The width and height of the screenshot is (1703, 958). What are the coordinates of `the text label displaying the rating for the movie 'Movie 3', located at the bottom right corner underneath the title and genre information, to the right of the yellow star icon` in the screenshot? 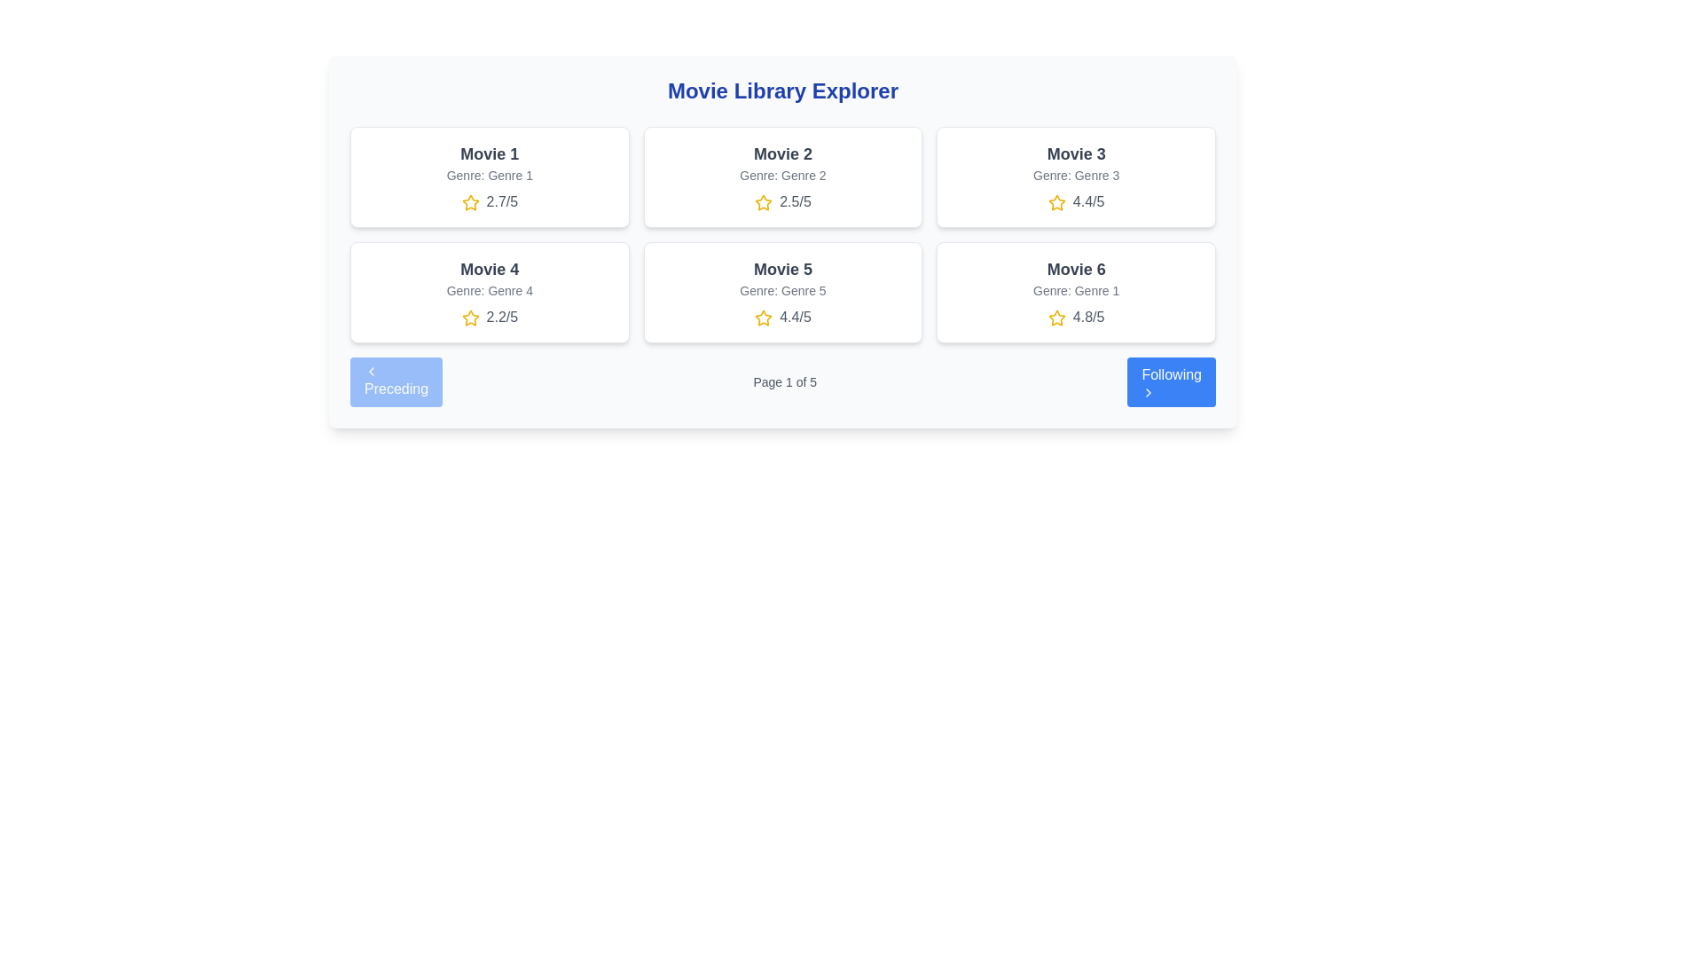 It's located at (1075, 200).